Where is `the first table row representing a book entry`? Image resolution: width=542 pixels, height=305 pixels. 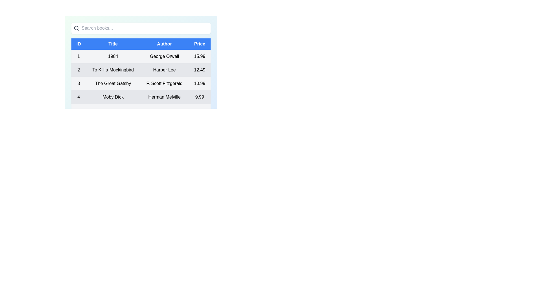
the first table row representing a book entry is located at coordinates (141, 56).